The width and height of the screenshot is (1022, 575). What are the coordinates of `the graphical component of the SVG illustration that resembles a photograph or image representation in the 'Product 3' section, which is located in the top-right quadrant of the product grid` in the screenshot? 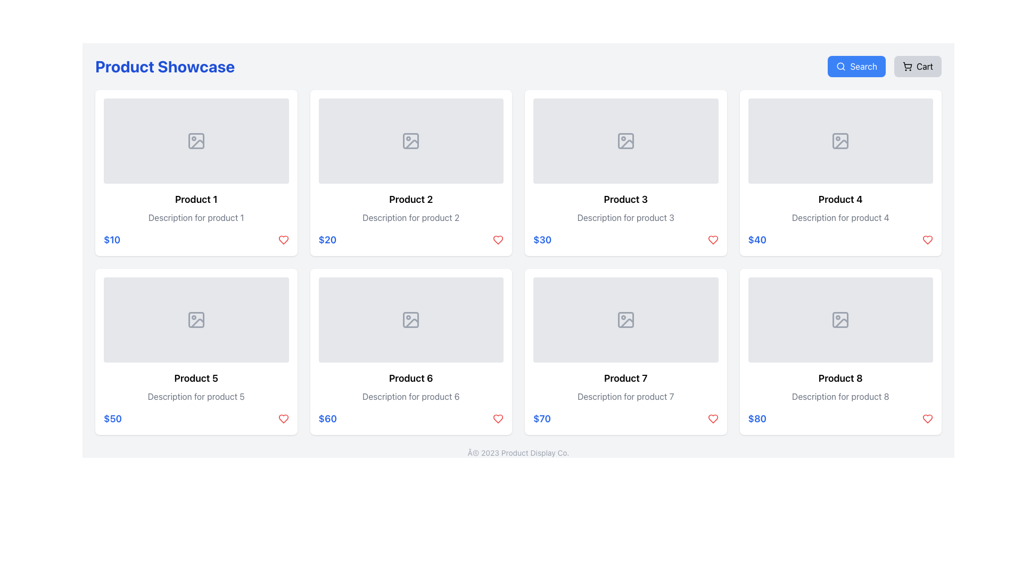 It's located at (627, 144).